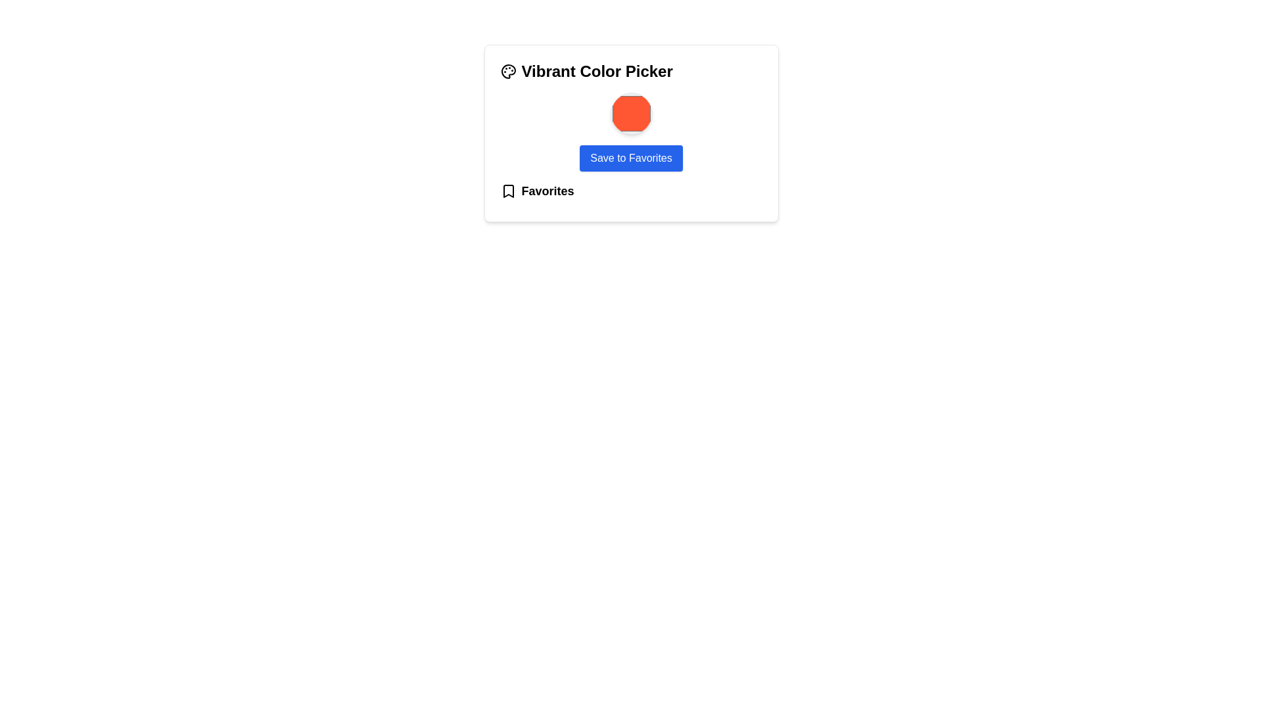 The height and width of the screenshot is (710, 1262). Describe the element at coordinates (507, 71) in the screenshot. I see `the decorative icon located to the left of the 'Vibrant Color Picker' text, which serves as a thematic visual cue for color selection` at that location.